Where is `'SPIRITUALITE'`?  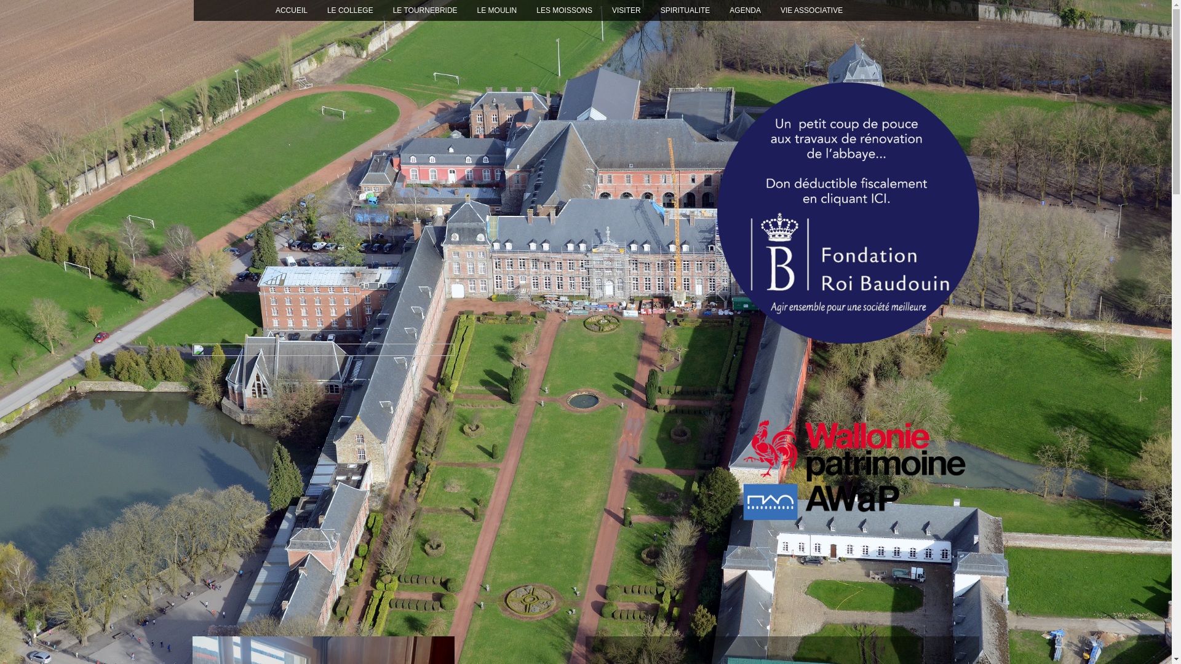 'SPIRITUALITE' is located at coordinates (685, 10).